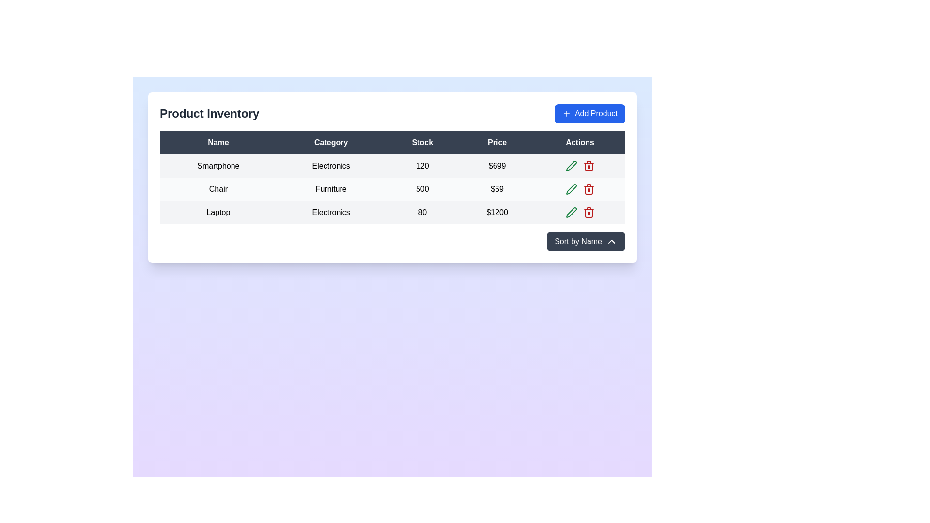 The height and width of the screenshot is (523, 930). What do you see at coordinates (497, 142) in the screenshot?
I see `the 'Price' column header label in the table, which is the fourth column header located between the 'Stock' and 'Actions' columns` at bounding box center [497, 142].